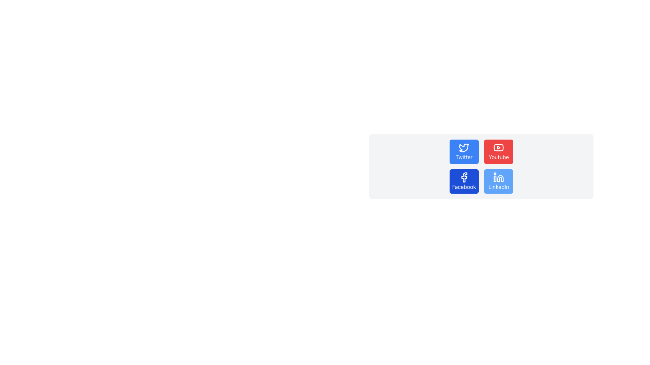 This screenshot has width=650, height=365. What do you see at coordinates (499, 157) in the screenshot?
I see `the button containing the 'YouTube' text label, which is situated below the YouTube logo inside a red button in the top-right group of buttons` at bounding box center [499, 157].